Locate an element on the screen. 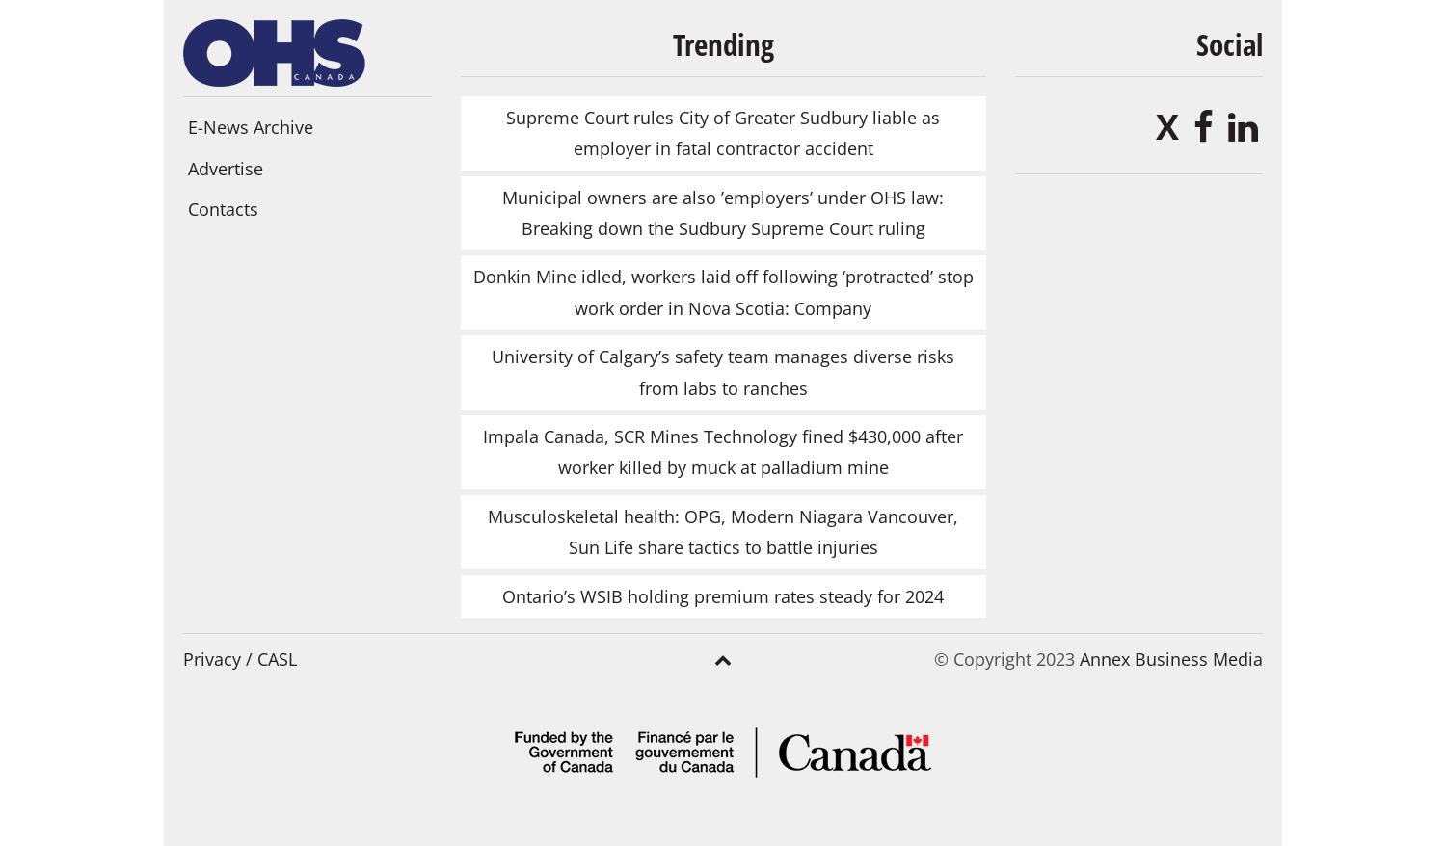 This screenshot has width=1446, height=846. 'Impala Canada, SCR Mines Technology fined $430,000 after worker killed by muck at palladium mine' is located at coordinates (723, 451).